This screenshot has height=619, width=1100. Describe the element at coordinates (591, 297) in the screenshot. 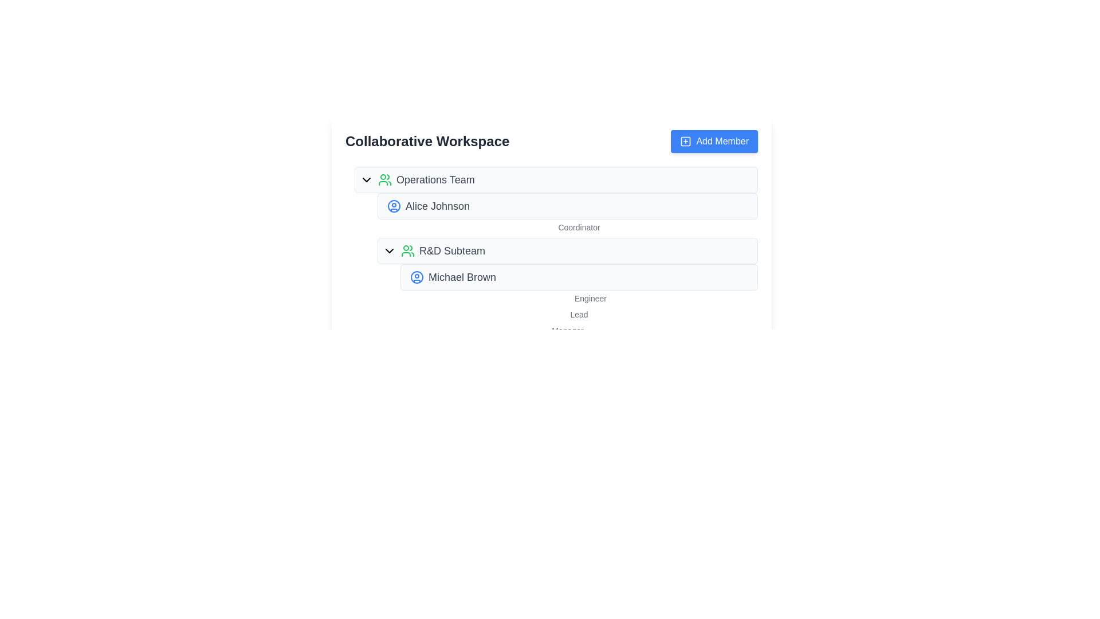

I see `the static text label displaying the job title 'Engineer' located beneath the name 'Michael Brown' in the R&D Subteam section` at that location.